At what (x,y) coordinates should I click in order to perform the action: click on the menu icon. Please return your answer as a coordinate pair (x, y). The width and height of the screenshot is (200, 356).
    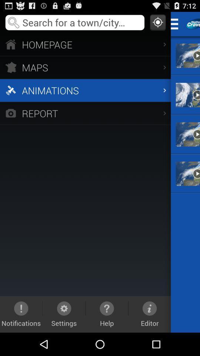
    Looking at the image, I should click on (176, 25).